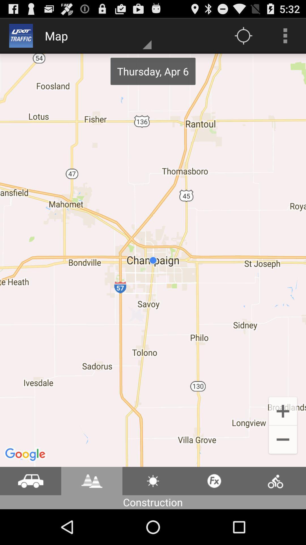 The height and width of the screenshot is (545, 306). Describe the element at coordinates (26, 455) in the screenshot. I see `google` at that location.